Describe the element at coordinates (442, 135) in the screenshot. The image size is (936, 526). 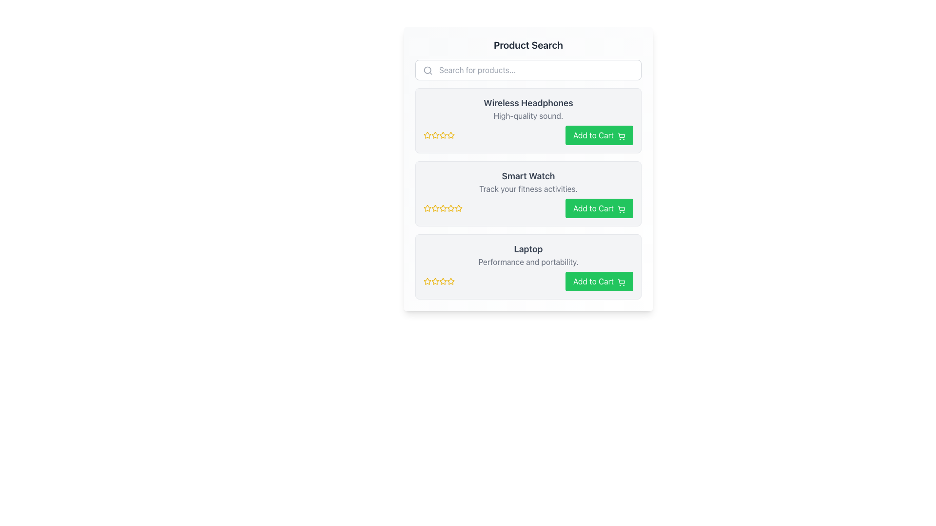
I see `fourth star-shaped icon with a yellow outline in the rating section beneath the 'Wireless Headphones' product entry` at that location.